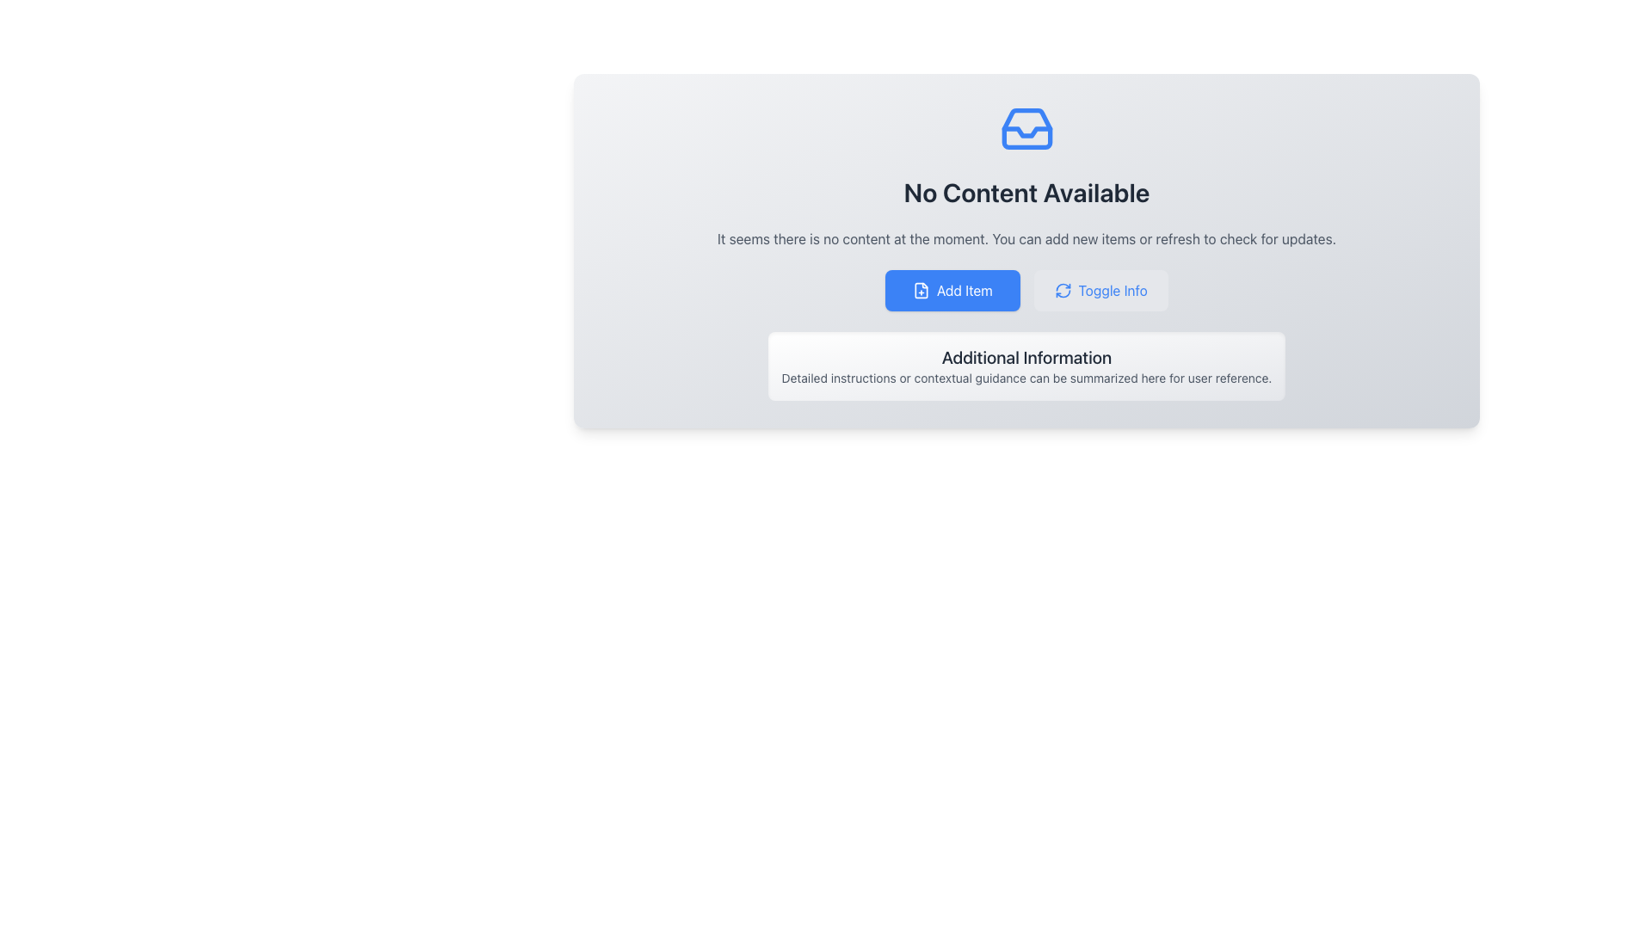 This screenshot has height=929, width=1652. I want to click on the button located on the right side of the interface, which toggles the display of additional information or sections, so click(1099, 290).